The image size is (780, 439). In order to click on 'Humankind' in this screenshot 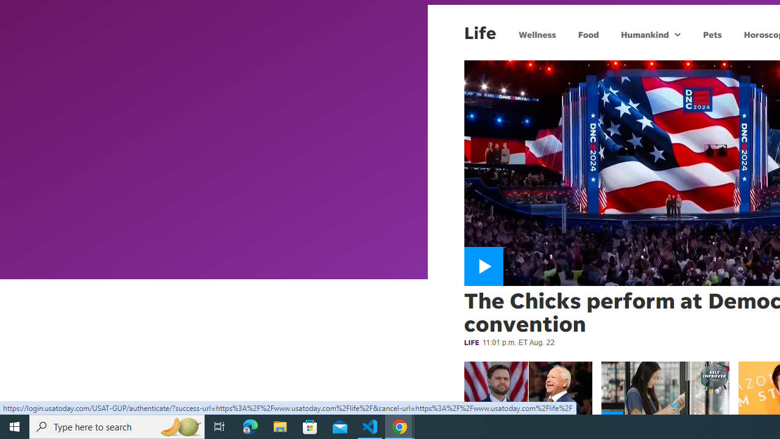, I will do `click(643, 34)`.